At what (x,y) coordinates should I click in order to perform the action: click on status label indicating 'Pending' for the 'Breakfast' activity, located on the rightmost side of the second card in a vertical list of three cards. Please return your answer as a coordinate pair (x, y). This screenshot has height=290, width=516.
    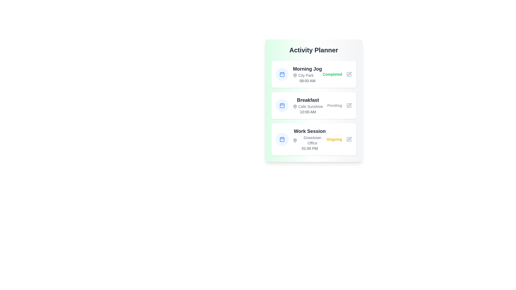
    Looking at the image, I should click on (339, 106).